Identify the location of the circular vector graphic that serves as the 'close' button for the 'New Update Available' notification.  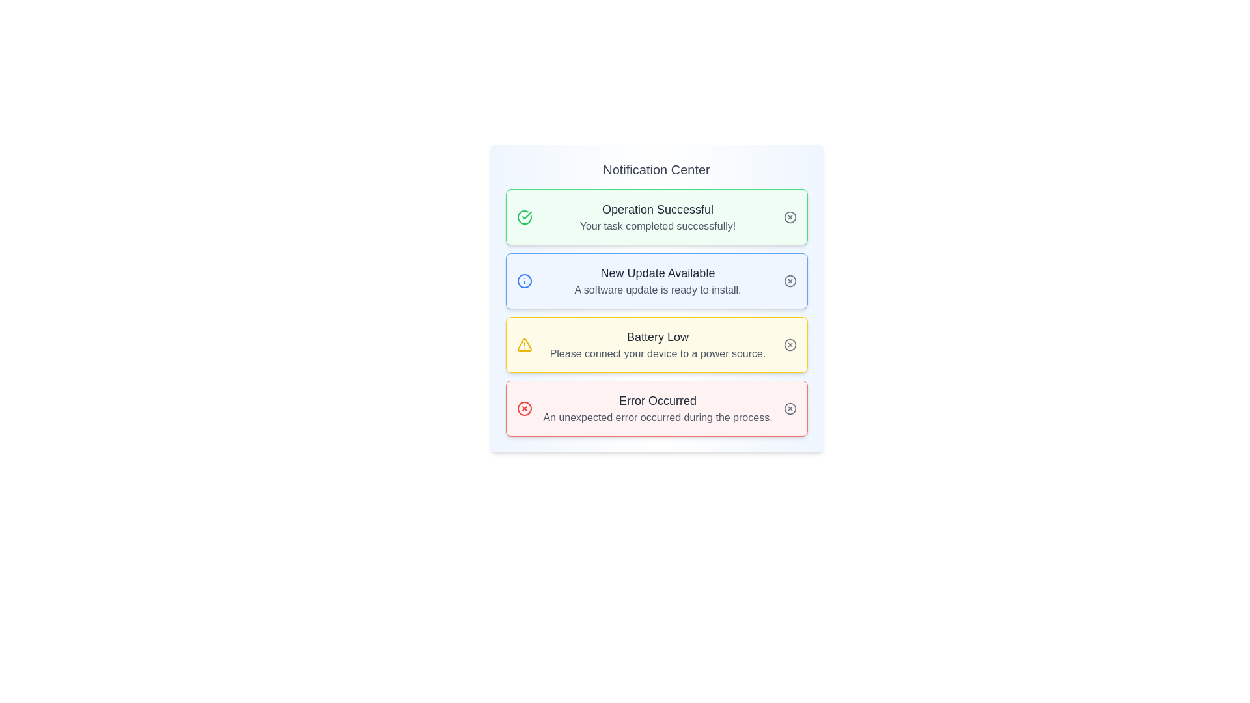
(789, 281).